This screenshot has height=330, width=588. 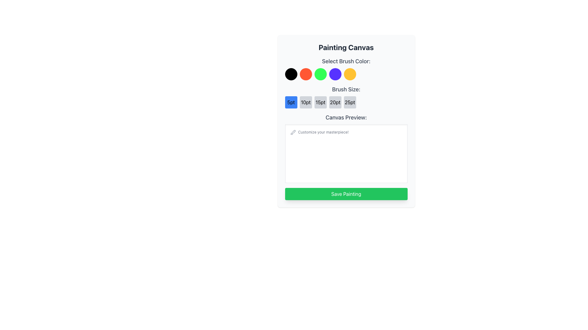 What do you see at coordinates (291, 102) in the screenshot?
I see `the square button with a rounded blue background and black text reading '5pt', which is the first button in a group for selecting brush sizes` at bounding box center [291, 102].